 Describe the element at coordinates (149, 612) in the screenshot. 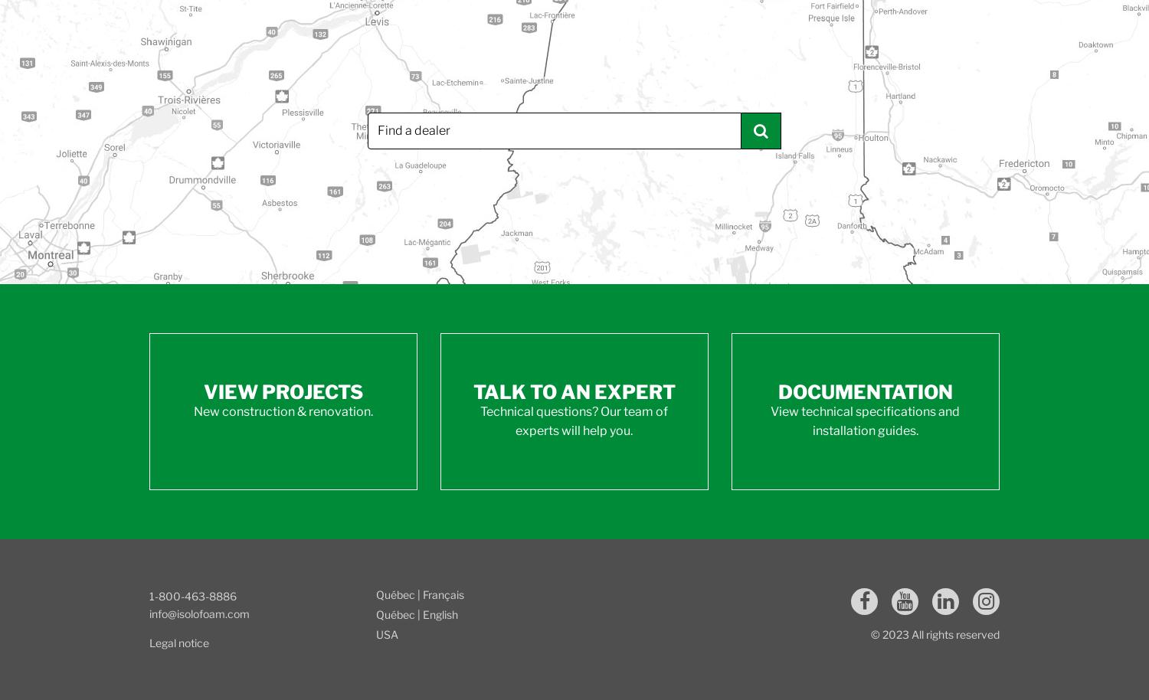

I see `'info@isolofoam.com'` at that location.